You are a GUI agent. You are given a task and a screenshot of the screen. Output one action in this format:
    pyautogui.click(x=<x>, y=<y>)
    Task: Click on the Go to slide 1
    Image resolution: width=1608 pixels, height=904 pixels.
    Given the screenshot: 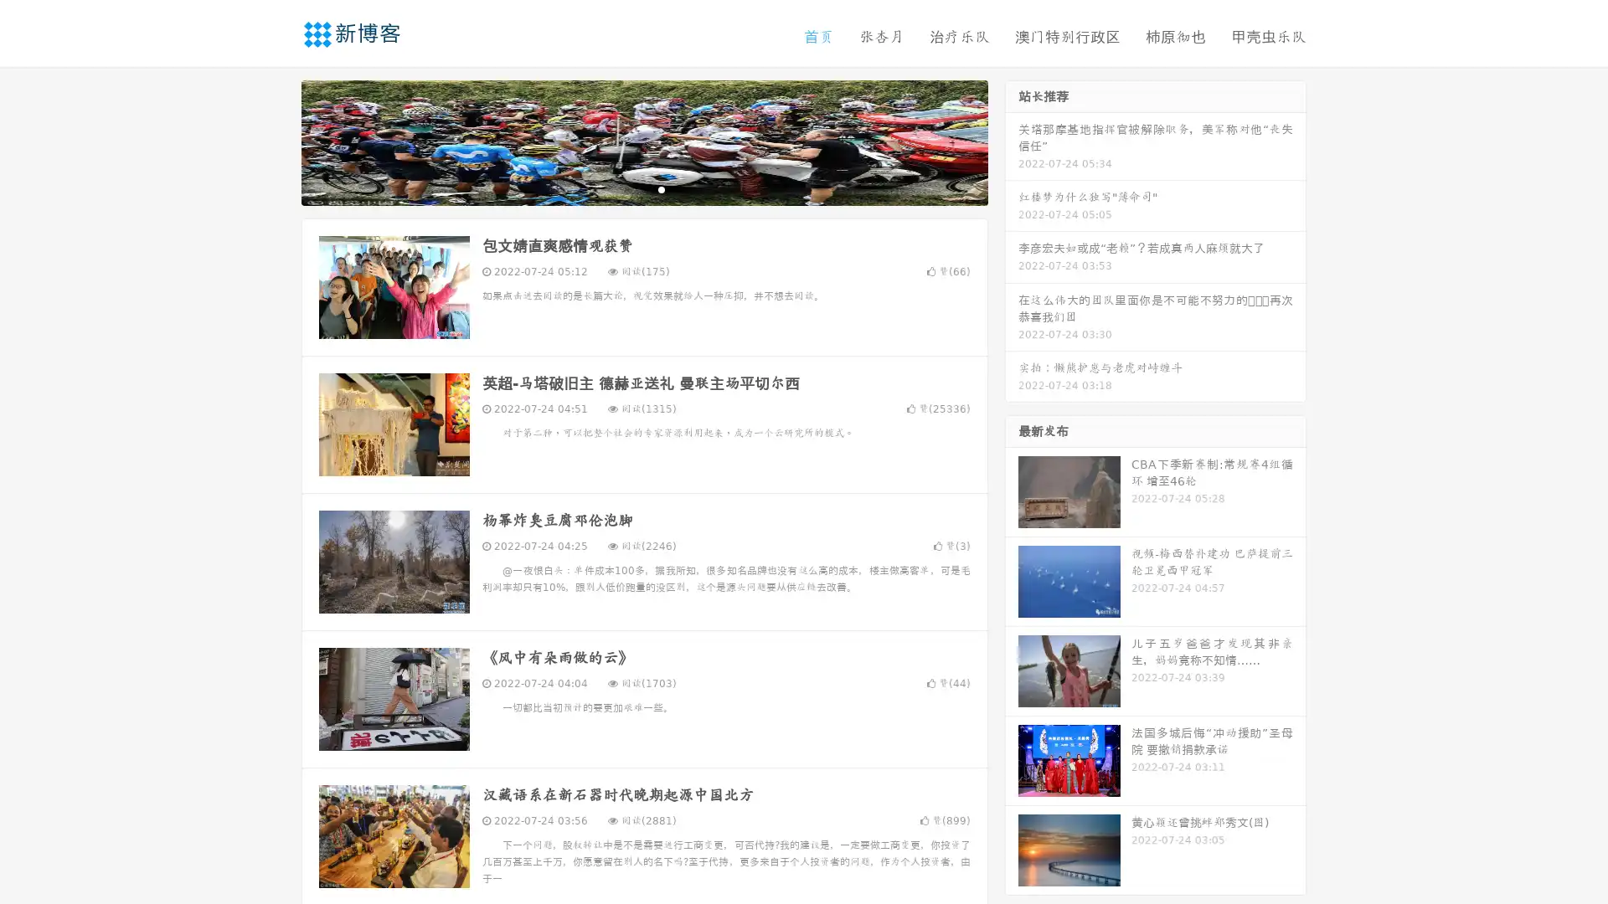 What is the action you would take?
    pyautogui.click(x=626, y=188)
    